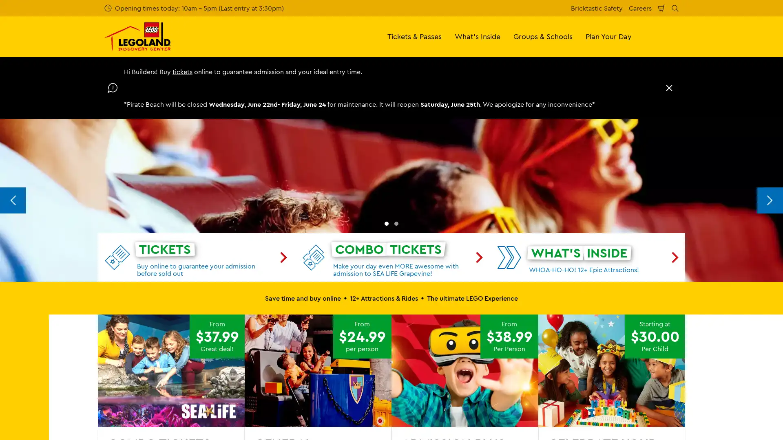  Describe the element at coordinates (608, 36) in the screenshot. I see `Plan Your Day` at that location.